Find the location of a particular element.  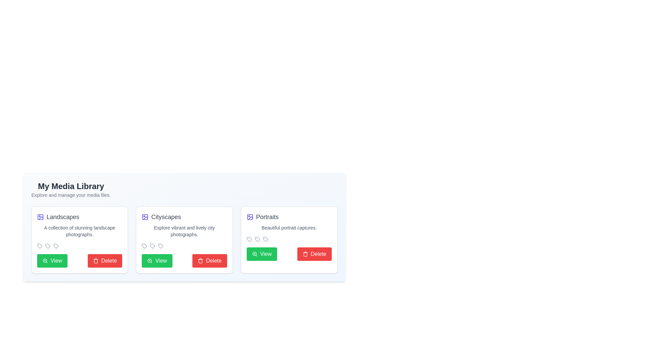

the 'Delete' button, which is the red button with a trash can icon, located in the Button Group within the 'Landscapes' card of the media library is located at coordinates (80, 261).